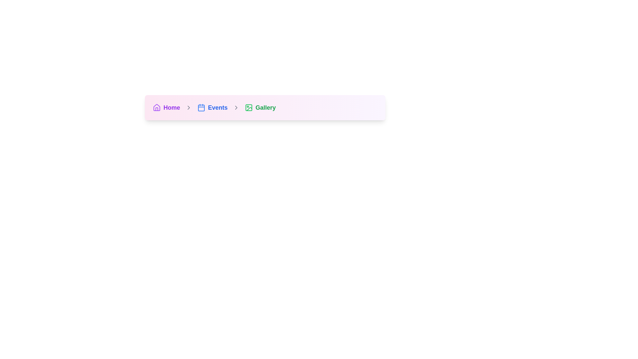  Describe the element at coordinates (236, 107) in the screenshot. I see `the separator icon located between the 'Events' and 'Gallery' sections in the breadcrumb navigation bar` at that location.